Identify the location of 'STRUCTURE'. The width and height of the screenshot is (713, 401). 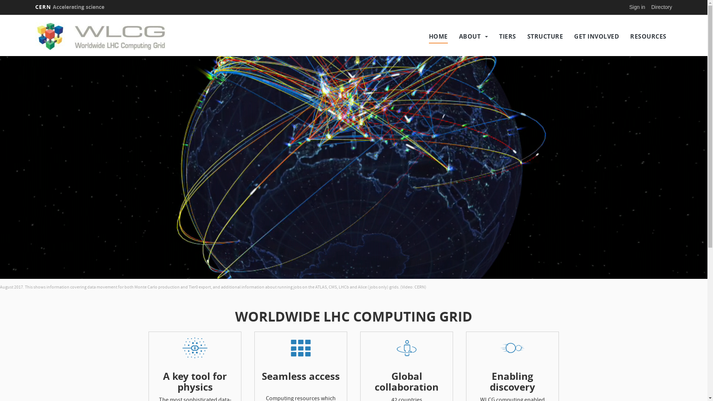
(545, 36).